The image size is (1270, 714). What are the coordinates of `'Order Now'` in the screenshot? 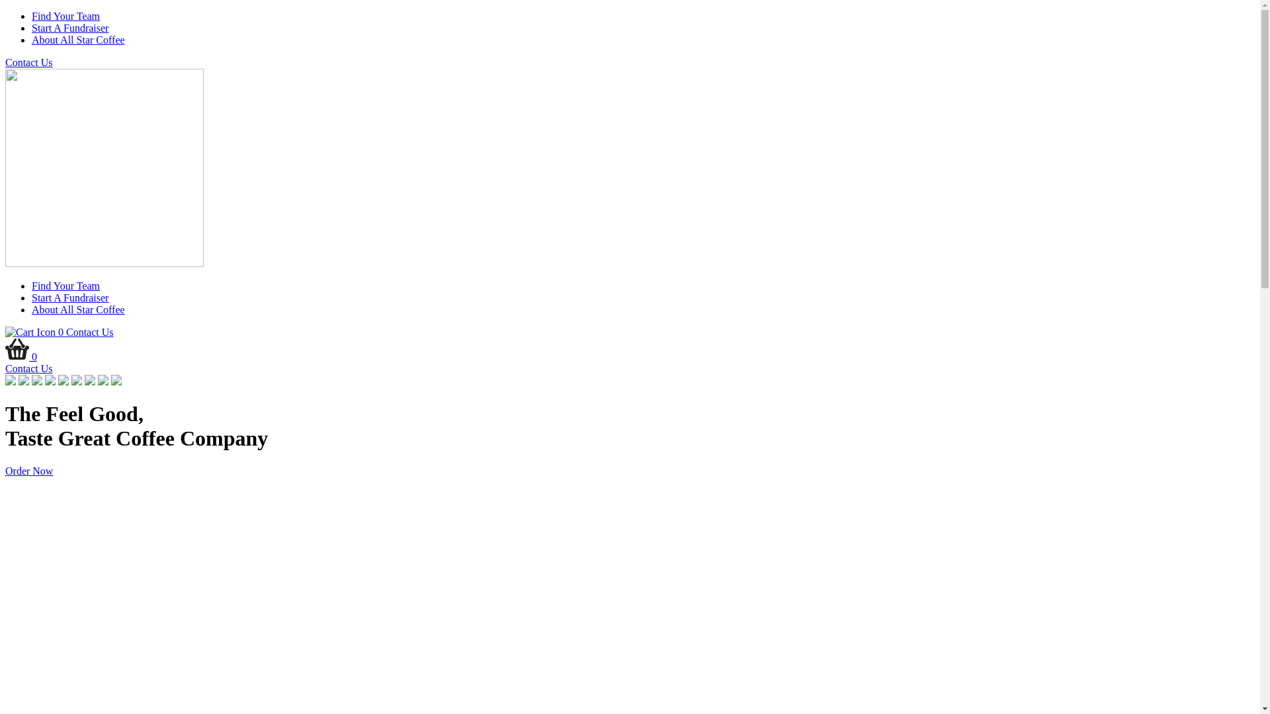 It's located at (28, 470).